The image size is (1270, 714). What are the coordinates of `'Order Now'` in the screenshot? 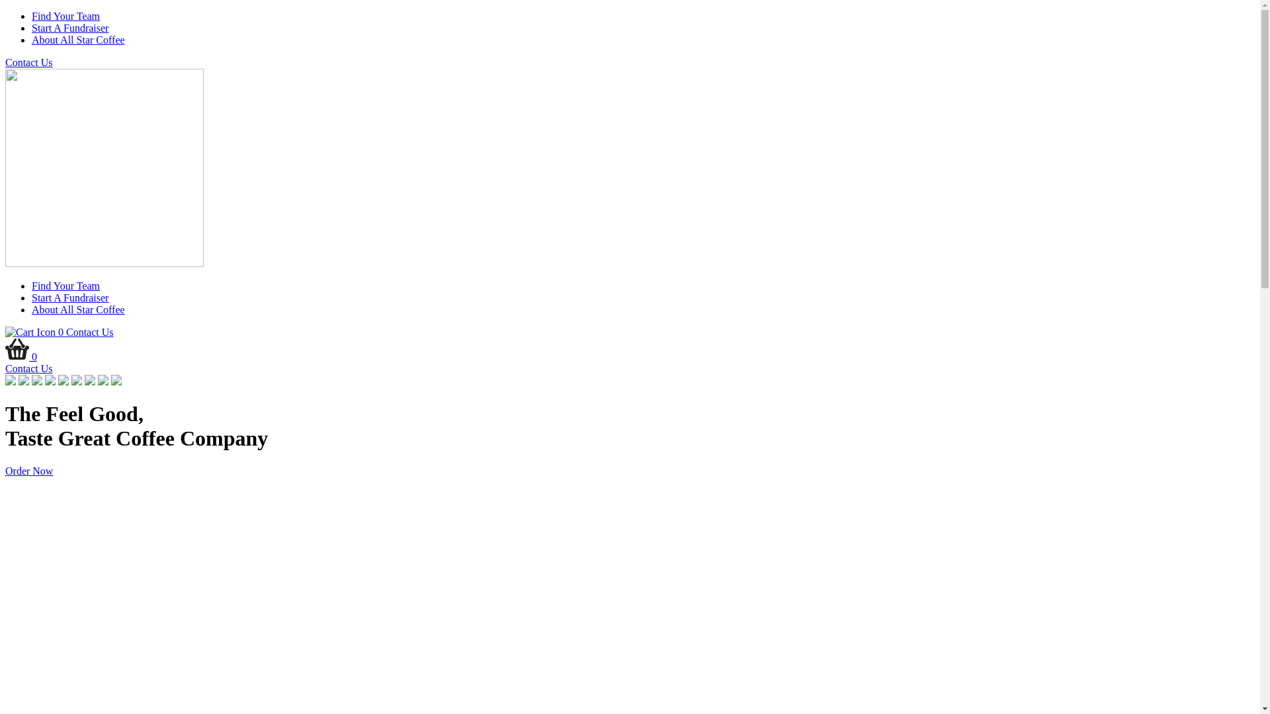 It's located at (28, 470).